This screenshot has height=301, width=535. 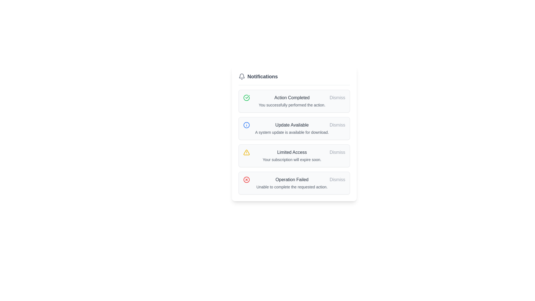 I want to click on the red circular icon with an 'X' symbol, which indicates an error, located in the notification box labeled 'Operation Failed', so click(x=246, y=179).